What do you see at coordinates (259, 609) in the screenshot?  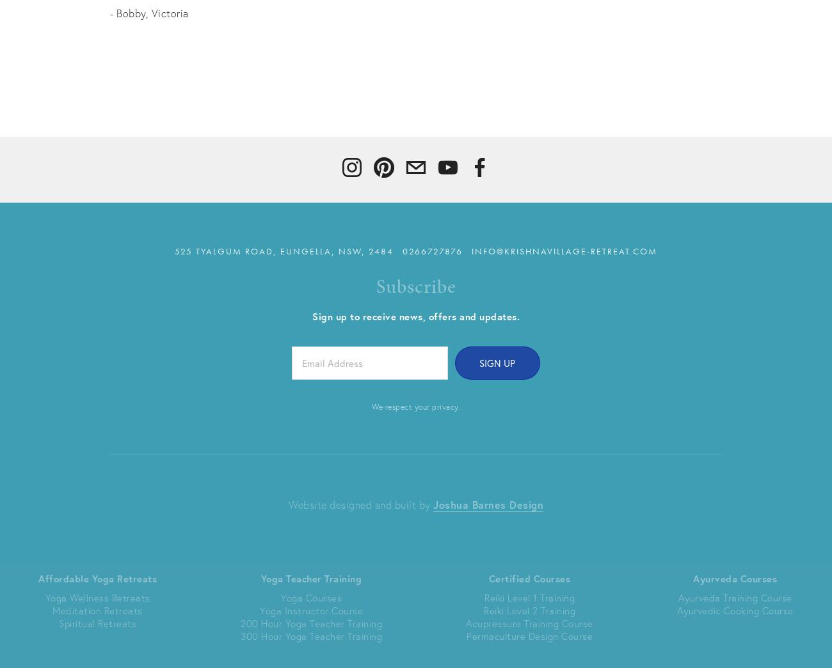 I see `'Yoga Instructor Course'` at bounding box center [259, 609].